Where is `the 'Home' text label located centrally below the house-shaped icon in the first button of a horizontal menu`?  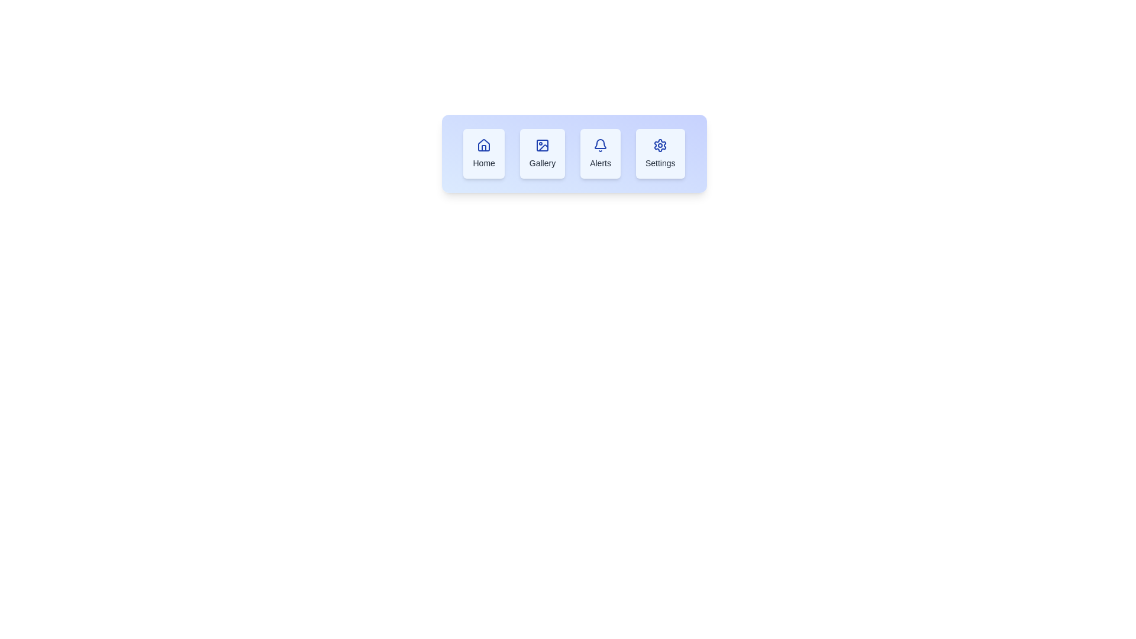 the 'Home' text label located centrally below the house-shaped icon in the first button of a horizontal menu is located at coordinates (484, 163).